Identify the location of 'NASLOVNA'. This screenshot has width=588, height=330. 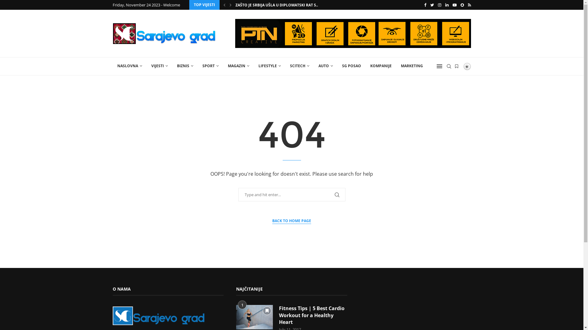
(129, 66).